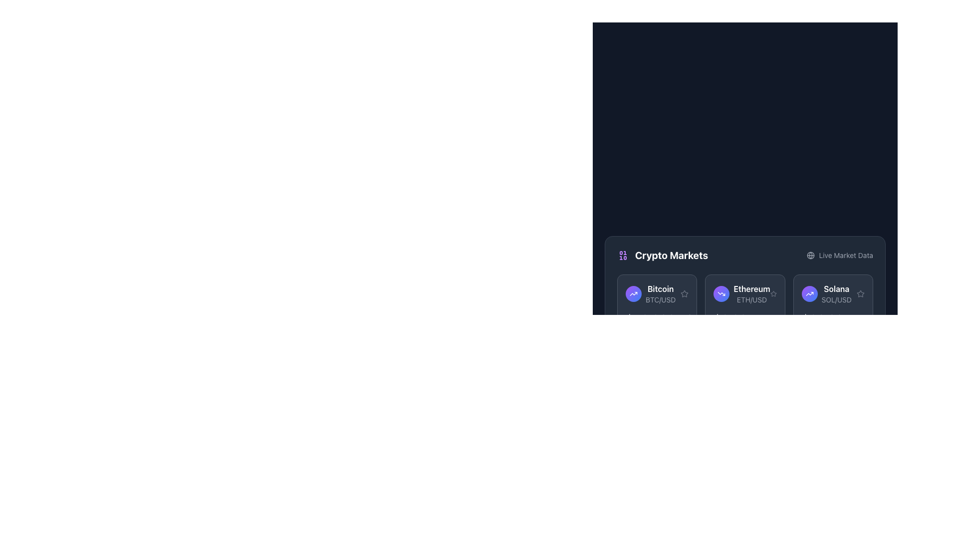 Image resolution: width=958 pixels, height=539 pixels. What do you see at coordinates (745, 319) in the screenshot?
I see `the informational display showing the real-time price of Ethereum in USD and its recent percentage change, located in the bottom-right portion of the Ethereum card` at bounding box center [745, 319].